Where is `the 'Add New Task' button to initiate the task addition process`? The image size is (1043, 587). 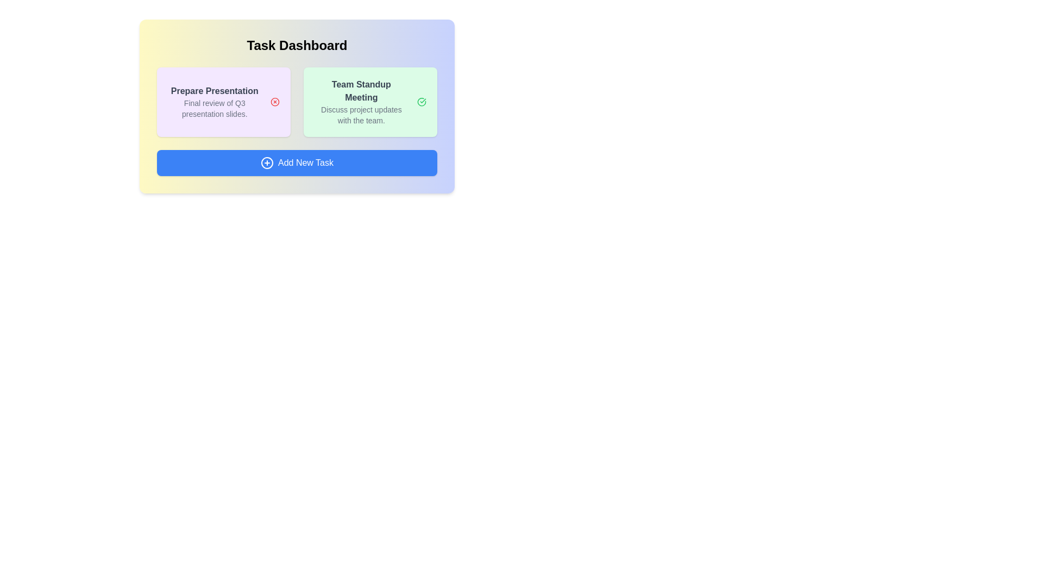
the 'Add New Task' button to initiate the task addition process is located at coordinates (297, 163).